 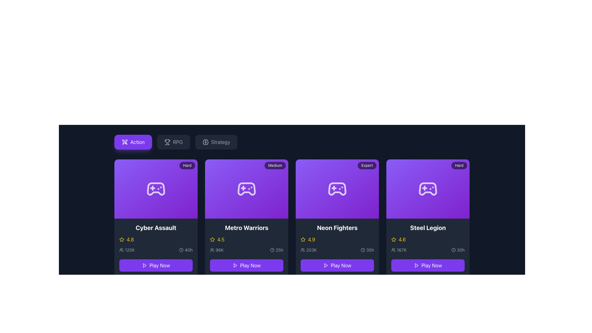 I want to click on the 'Play Now' button, which is a purple rectangular button with rounded corners, displaying the text 'Play Now' in white and a play triangle icon, located at the bottom center of the 'Metro Warriors' card, so click(x=247, y=264).